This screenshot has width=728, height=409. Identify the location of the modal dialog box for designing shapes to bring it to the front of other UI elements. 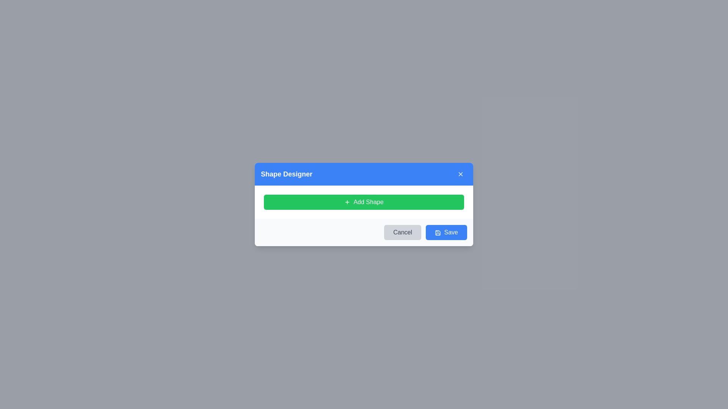
(364, 204).